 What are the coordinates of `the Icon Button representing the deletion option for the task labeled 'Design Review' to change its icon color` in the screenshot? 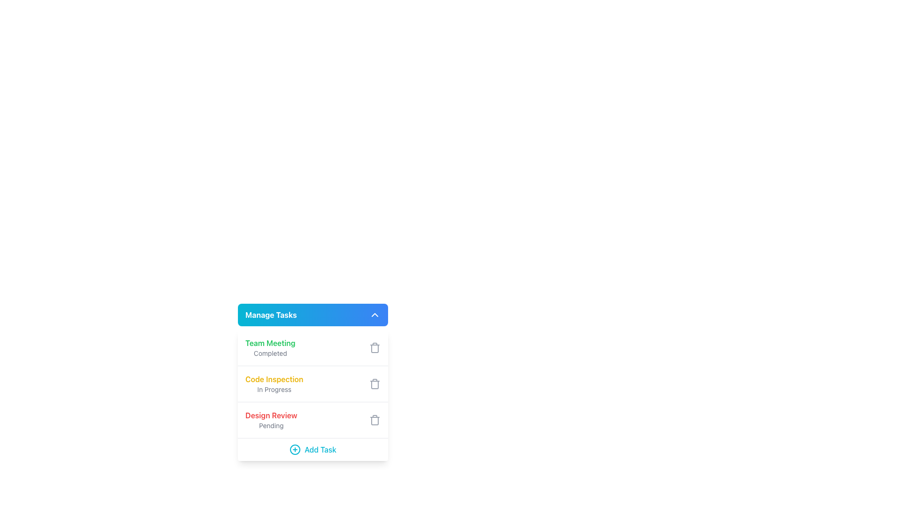 It's located at (374, 419).